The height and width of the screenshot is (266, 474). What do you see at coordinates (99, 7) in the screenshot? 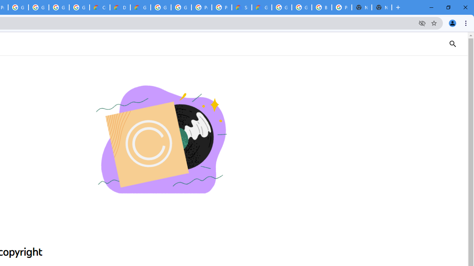
I see `'Customer Care | Google Cloud'` at bounding box center [99, 7].